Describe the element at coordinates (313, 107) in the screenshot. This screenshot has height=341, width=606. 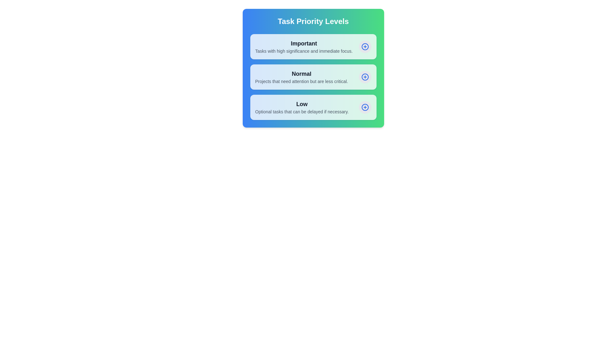
I see `the 'Low' priority task card located at the bottom of the stack of task priority levels` at that location.